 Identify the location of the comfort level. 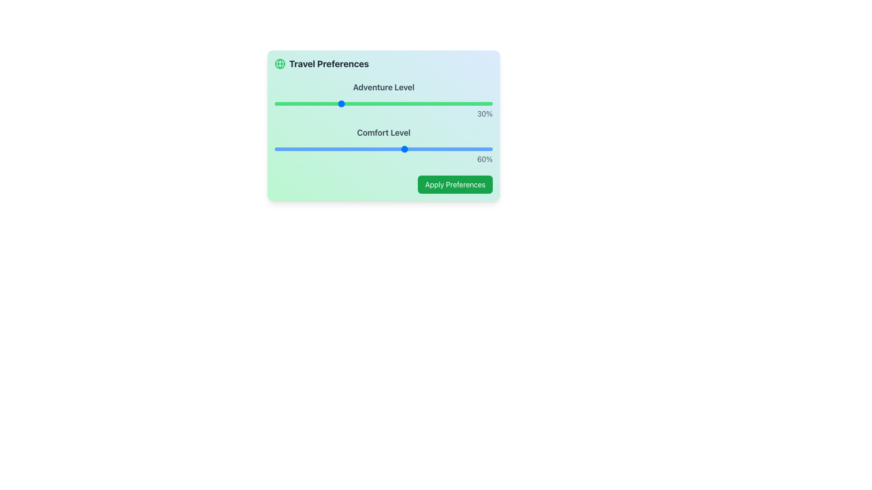
(352, 148).